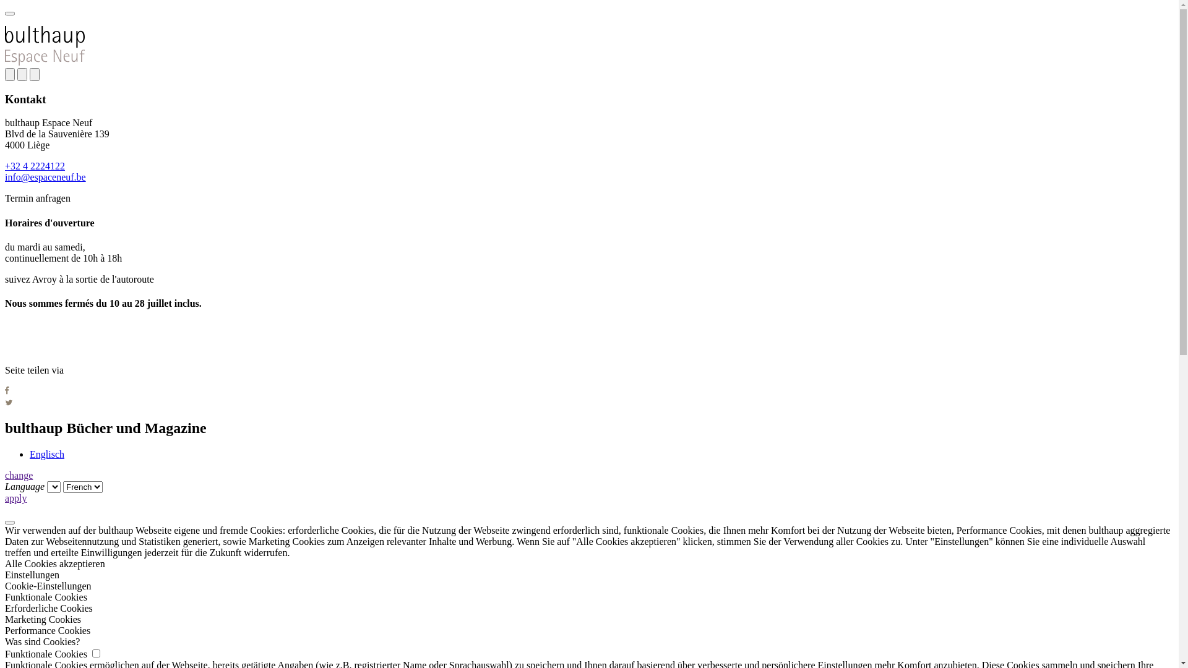  What do you see at coordinates (588, 630) in the screenshot?
I see `'Performance Cookies'` at bounding box center [588, 630].